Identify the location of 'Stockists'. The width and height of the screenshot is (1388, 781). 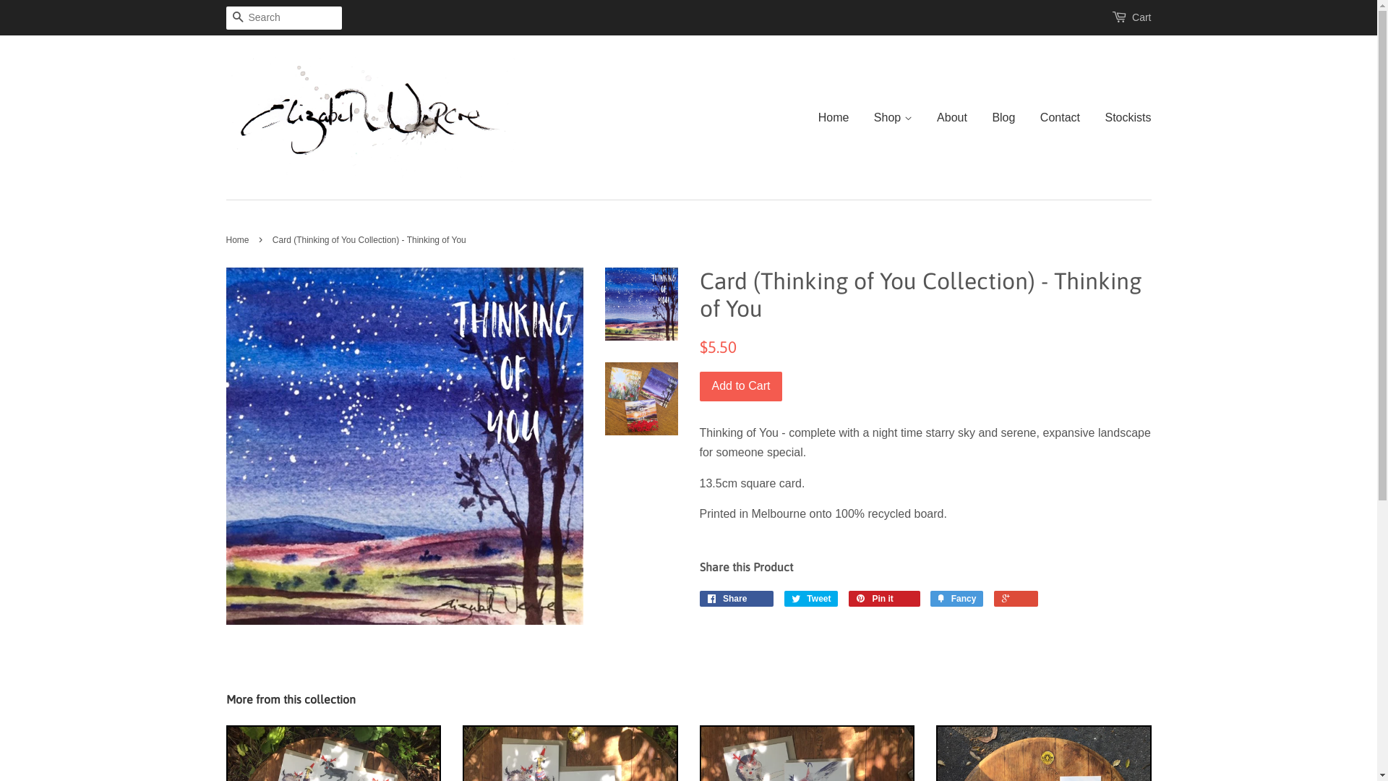
(1121, 116).